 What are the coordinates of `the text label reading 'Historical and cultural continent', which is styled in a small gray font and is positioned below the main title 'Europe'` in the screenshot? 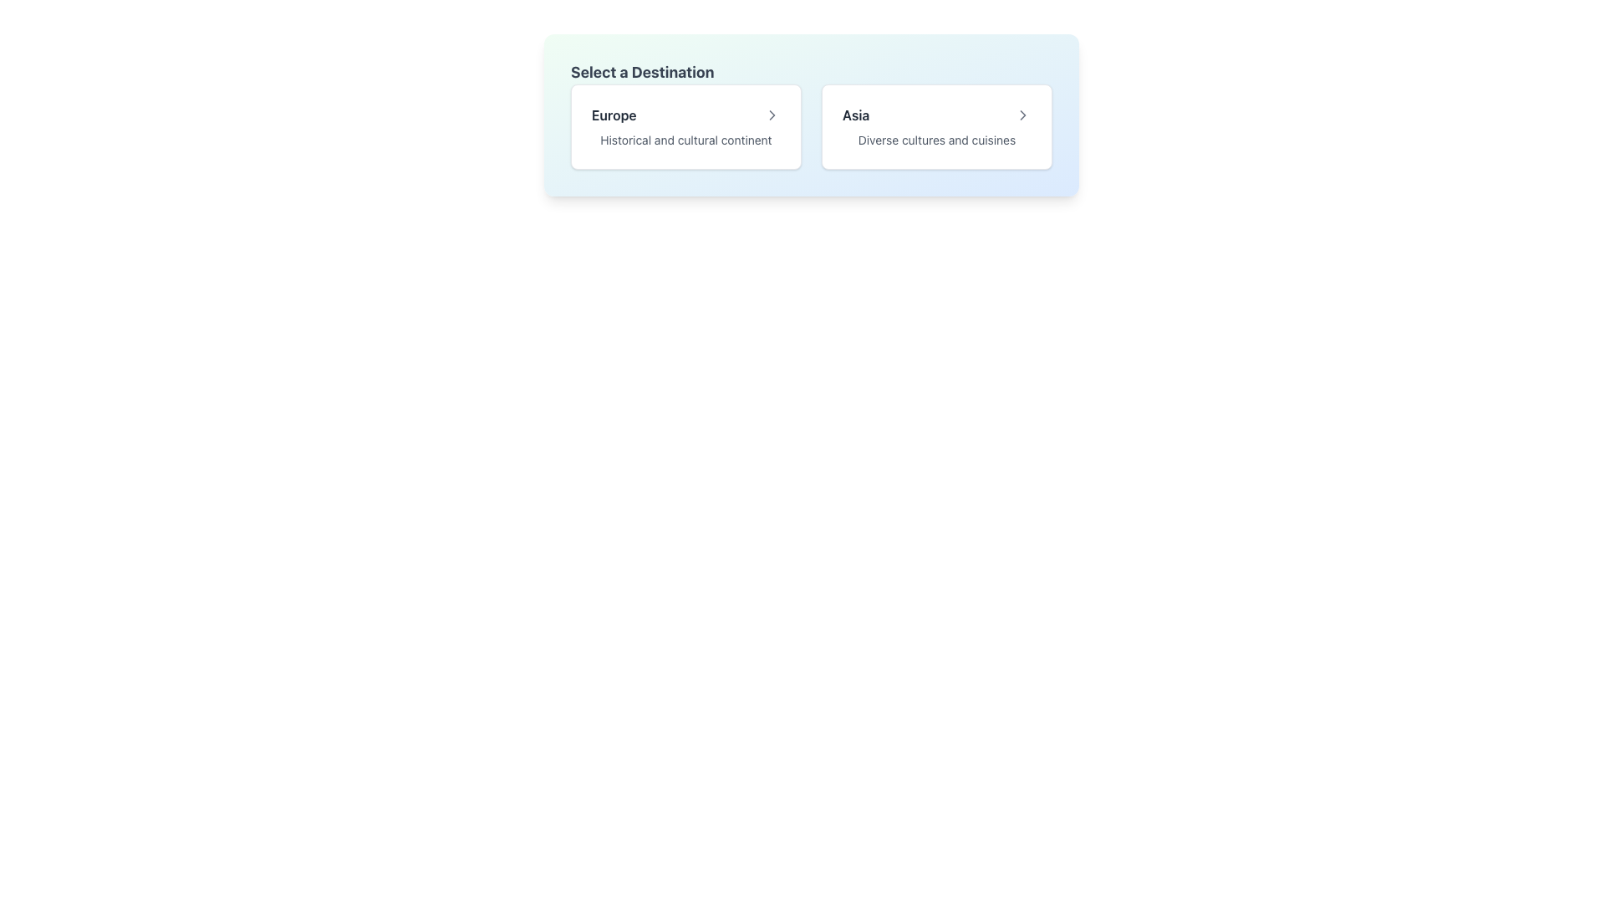 It's located at (685, 140).